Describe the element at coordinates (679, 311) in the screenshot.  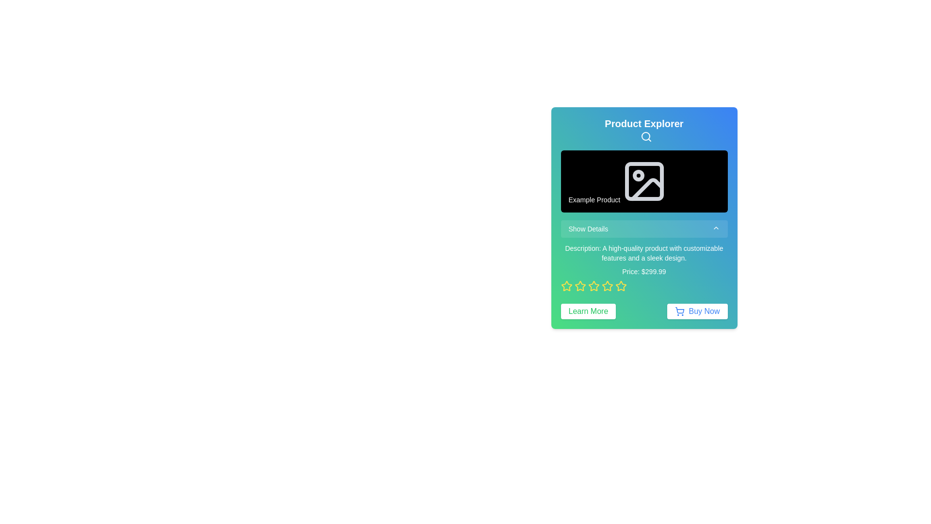
I see `the 'Buy Now' button which contains a shopping cart icon on the left side, located at the bottom-right of a product card` at that location.